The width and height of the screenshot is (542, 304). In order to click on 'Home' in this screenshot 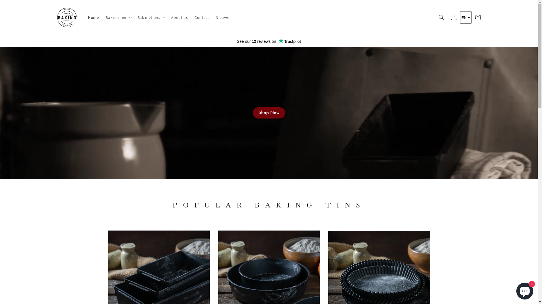, I will do `click(93, 17)`.